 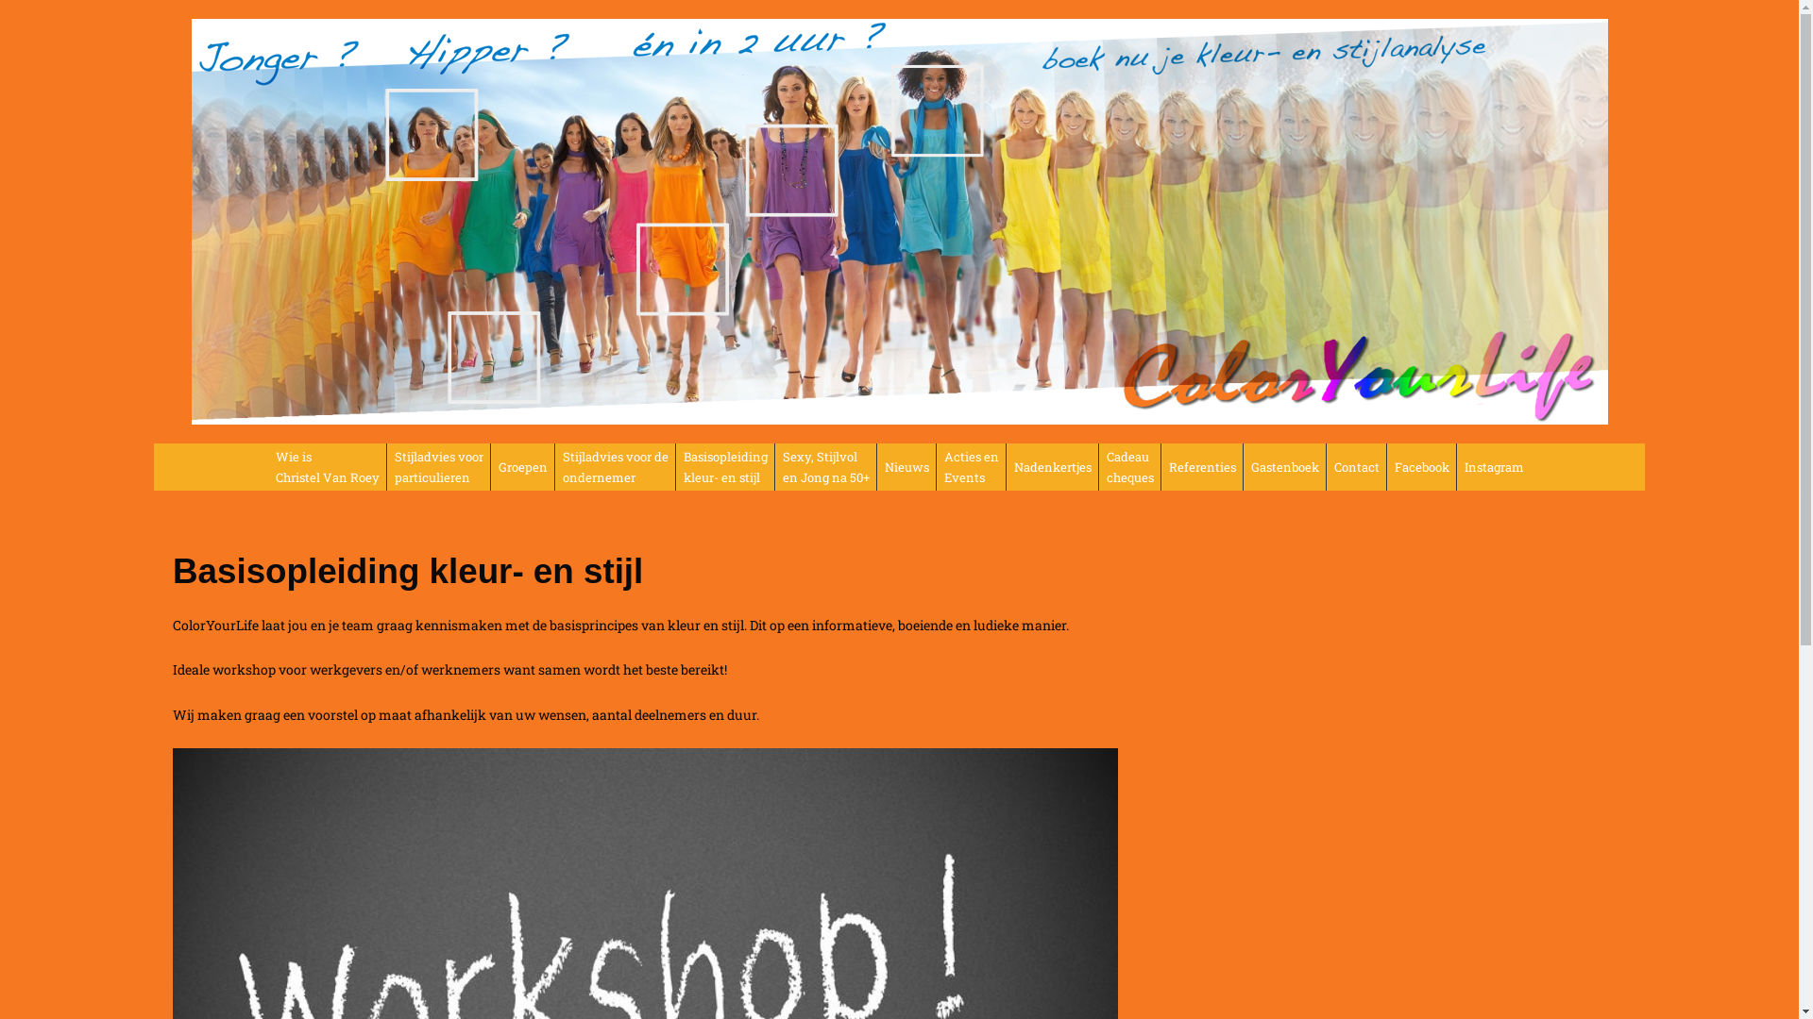 I want to click on 'Referenties', so click(x=1160, y=466).